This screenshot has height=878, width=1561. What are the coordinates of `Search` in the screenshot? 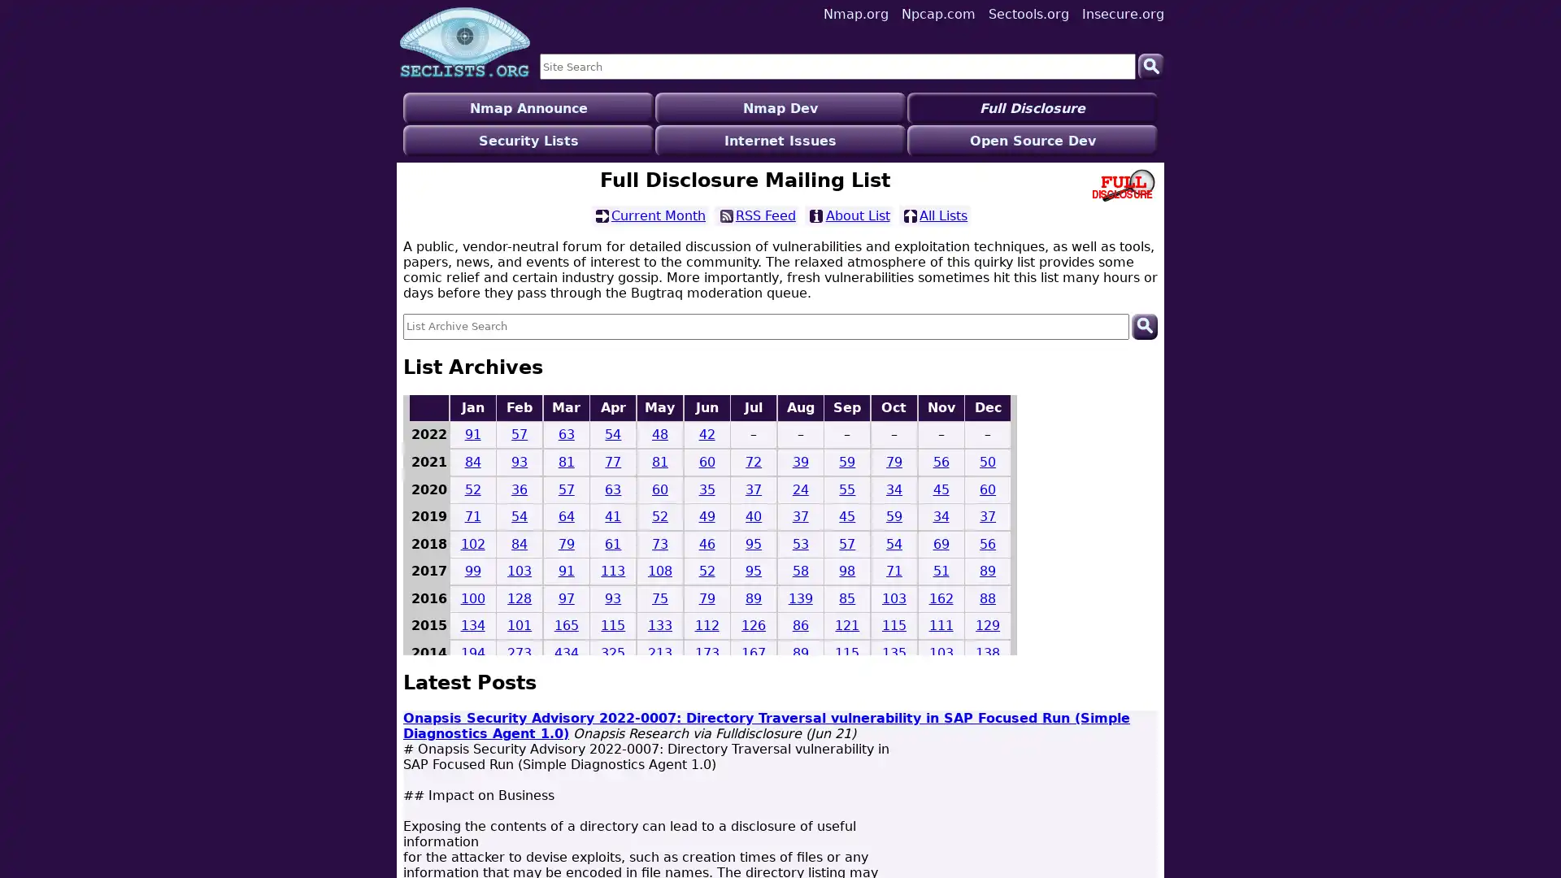 It's located at (1150, 65).